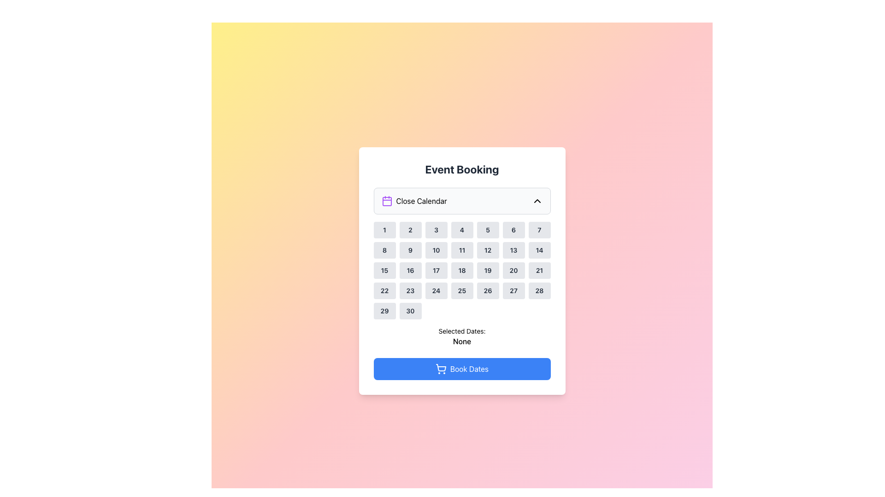 This screenshot has width=885, height=497. What do you see at coordinates (384, 230) in the screenshot?
I see `the button that represents the first day of the calendar within the date picker` at bounding box center [384, 230].